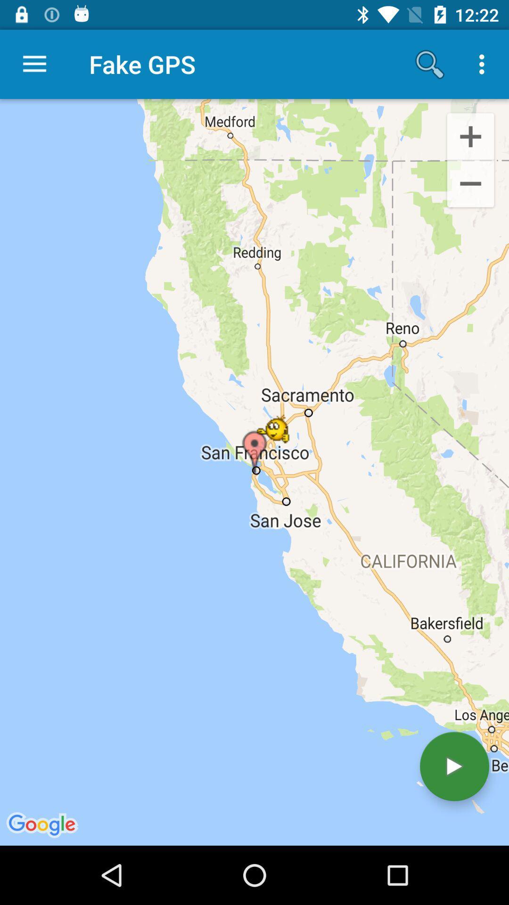  What do you see at coordinates (470, 185) in the screenshot?
I see `the minus icon` at bounding box center [470, 185].